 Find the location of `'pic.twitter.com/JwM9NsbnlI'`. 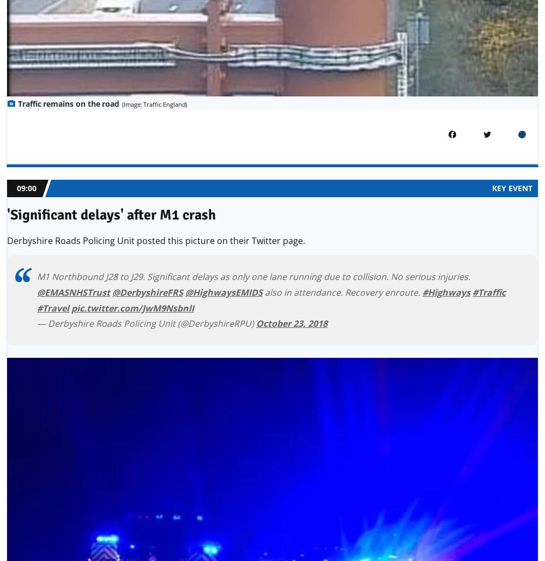

'pic.twitter.com/JwM9NsbnlI' is located at coordinates (132, 307).